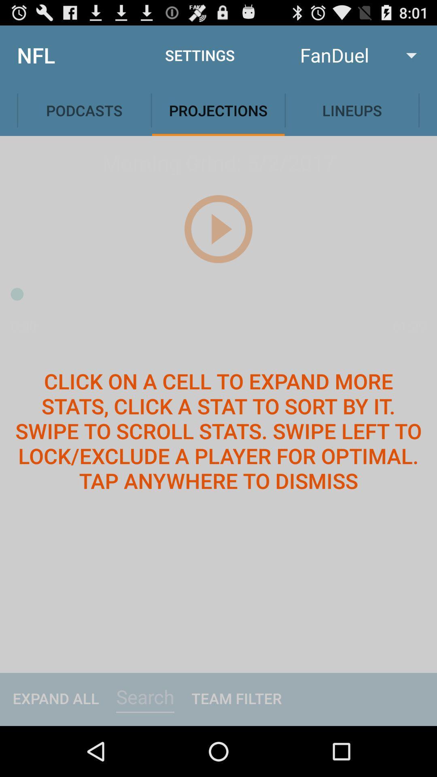 The width and height of the screenshot is (437, 777). I want to click on search at the bottom, so click(145, 697).